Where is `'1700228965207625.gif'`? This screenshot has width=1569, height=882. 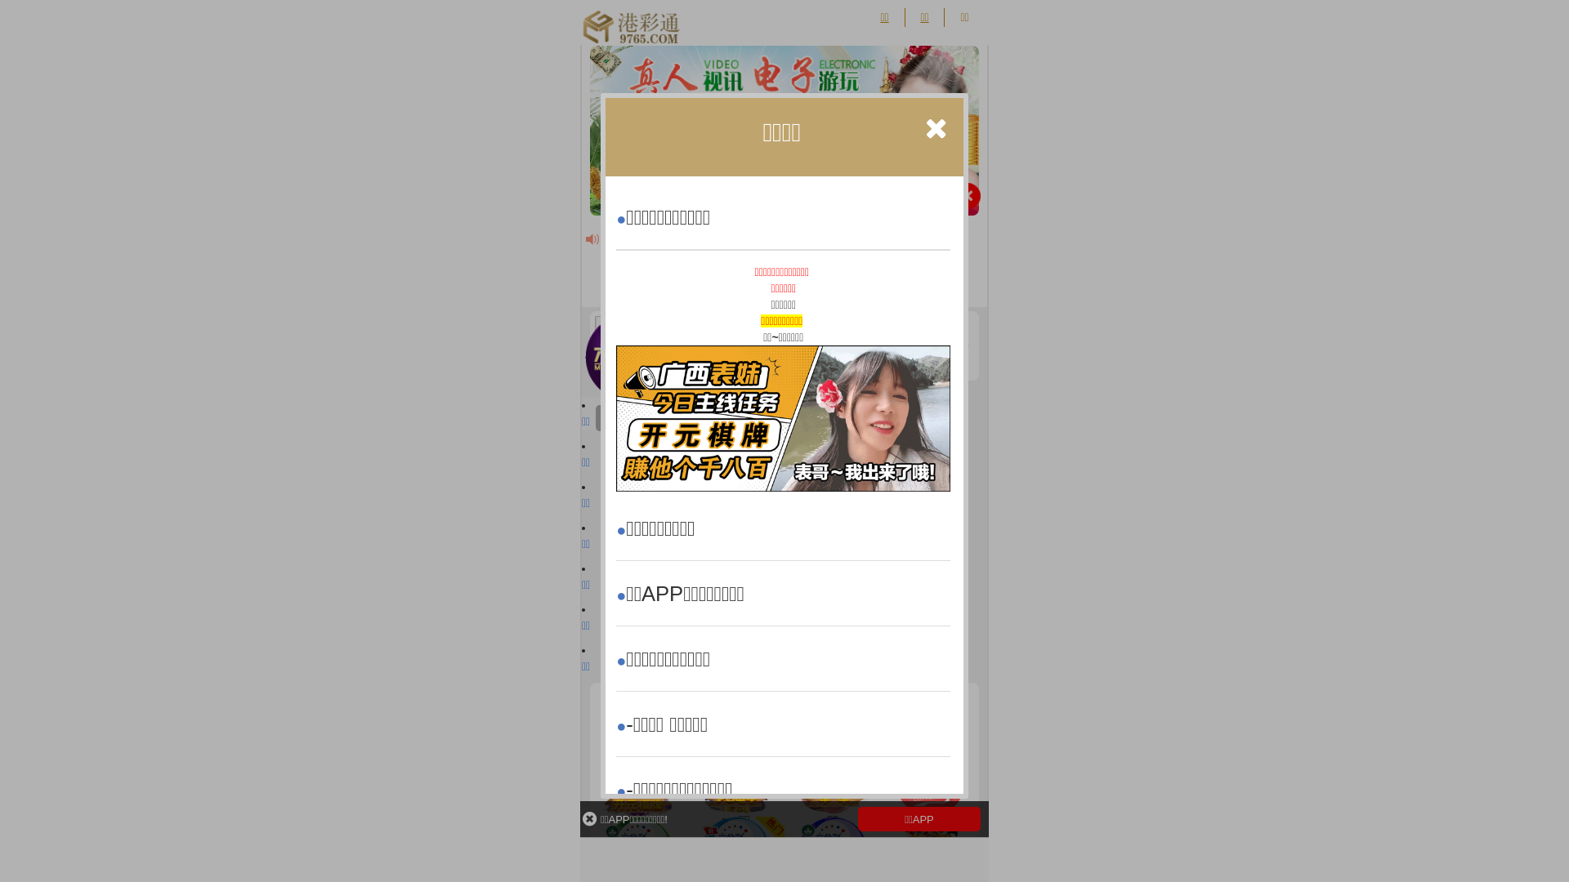 '1700228965207625.gif' is located at coordinates (782, 417).